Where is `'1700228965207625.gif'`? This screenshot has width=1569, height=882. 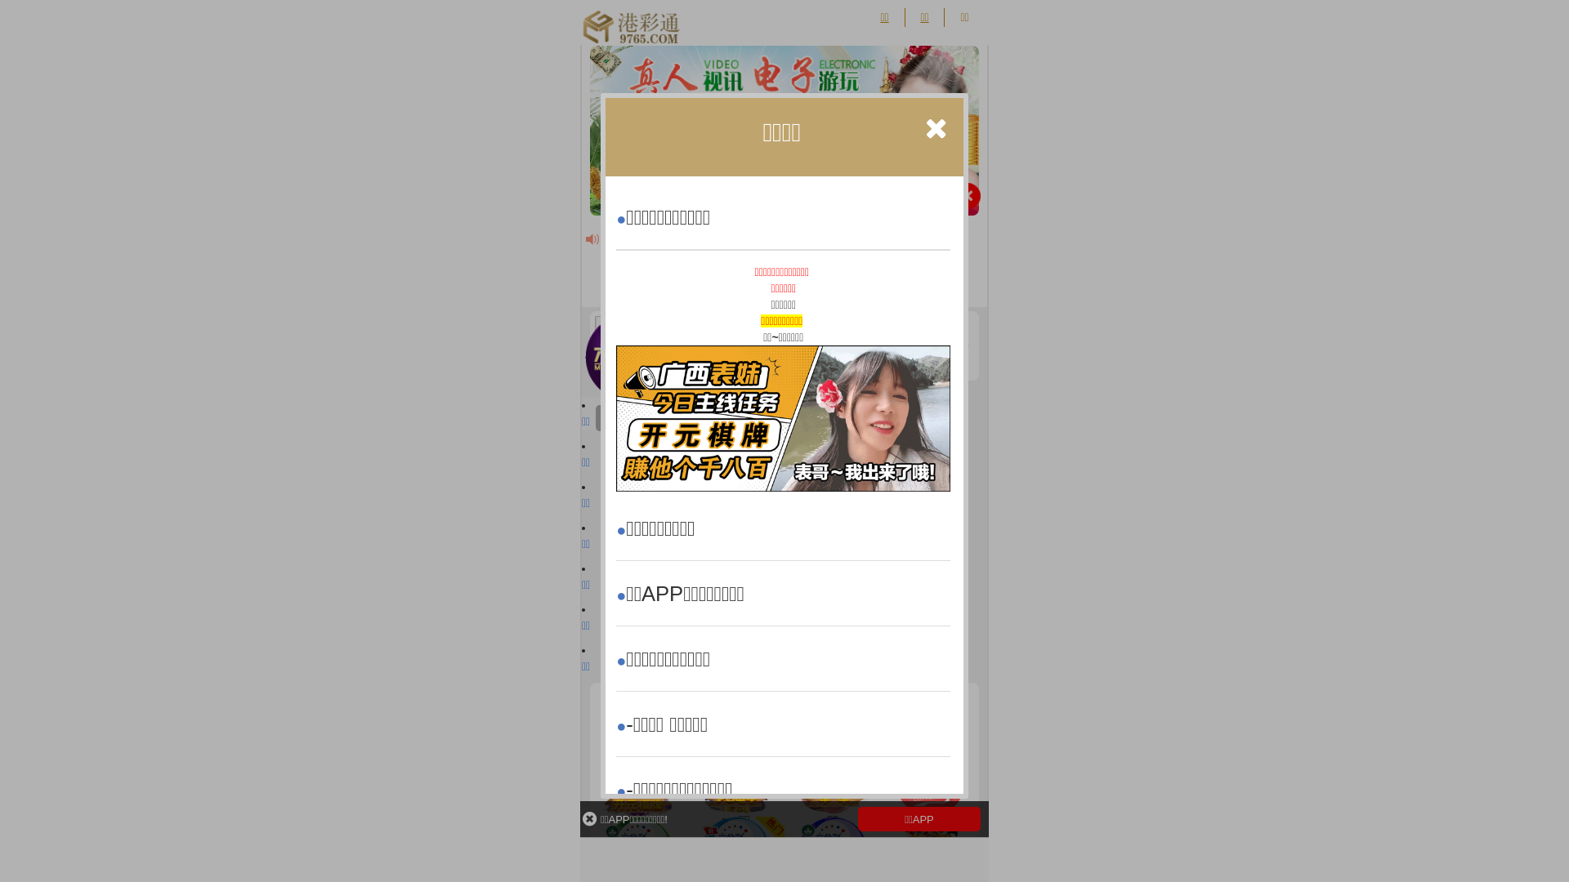 '1700228965207625.gif' is located at coordinates (782, 417).